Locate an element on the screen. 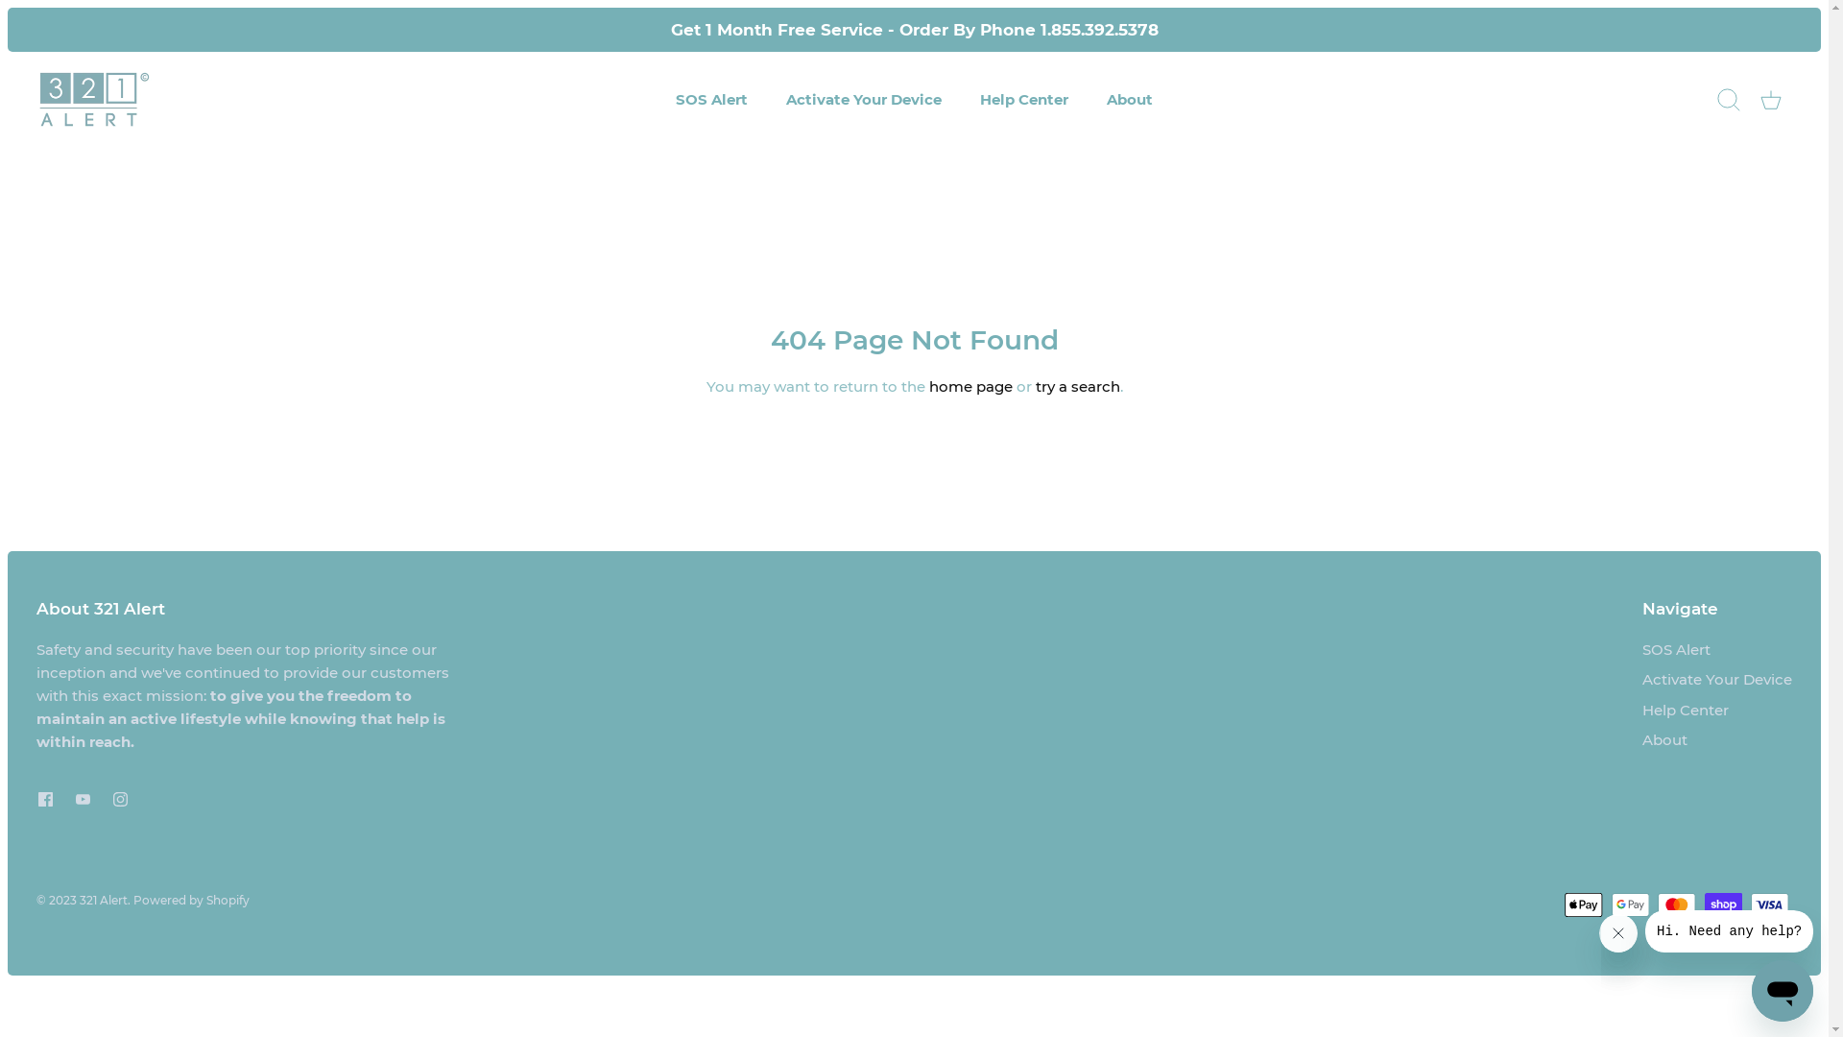  'Close message' is located at coordinates (1616, 932).